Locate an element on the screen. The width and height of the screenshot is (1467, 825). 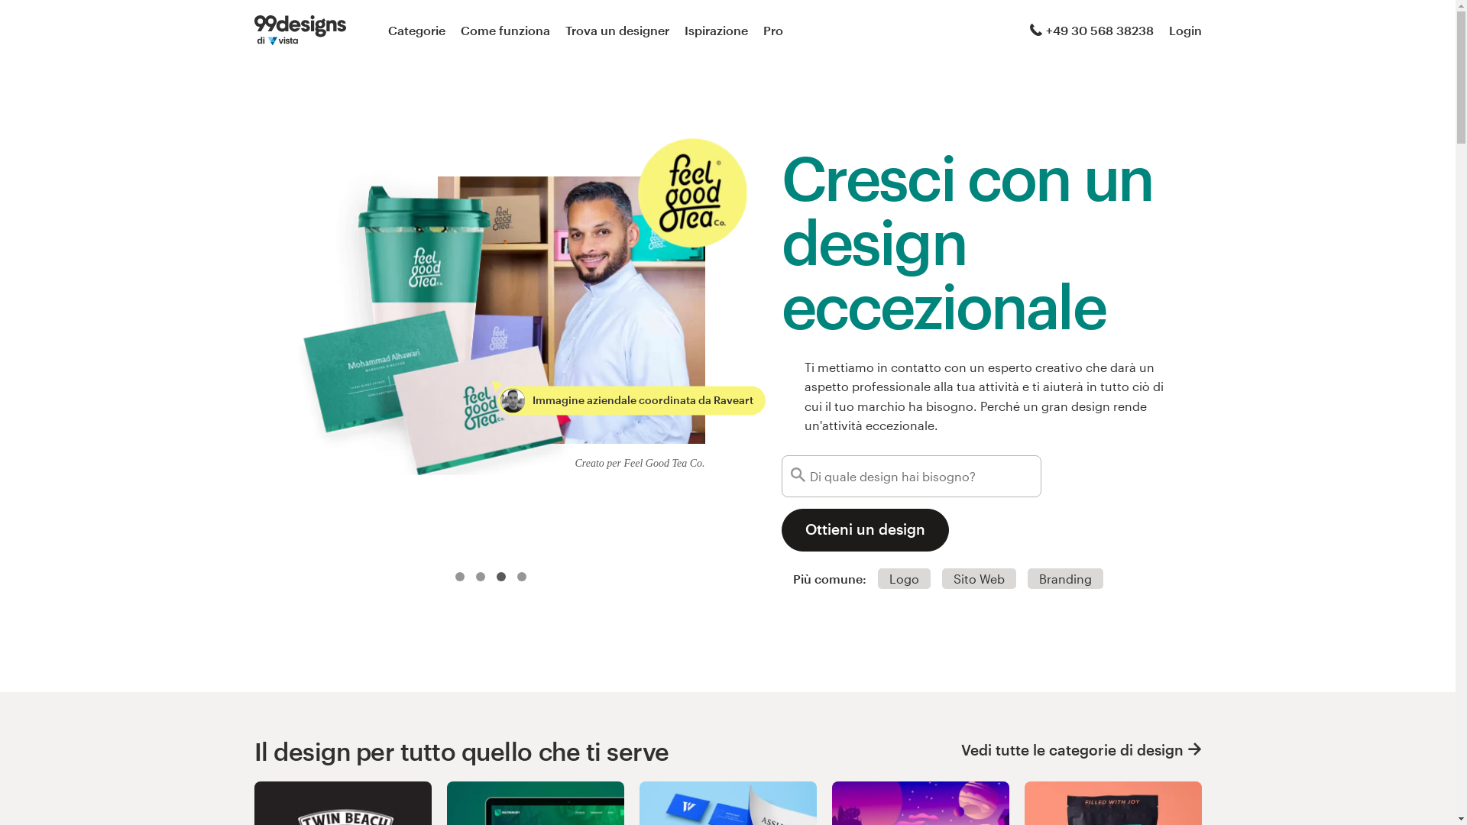
'Trova un designer' is located at coordinates (617, 30).